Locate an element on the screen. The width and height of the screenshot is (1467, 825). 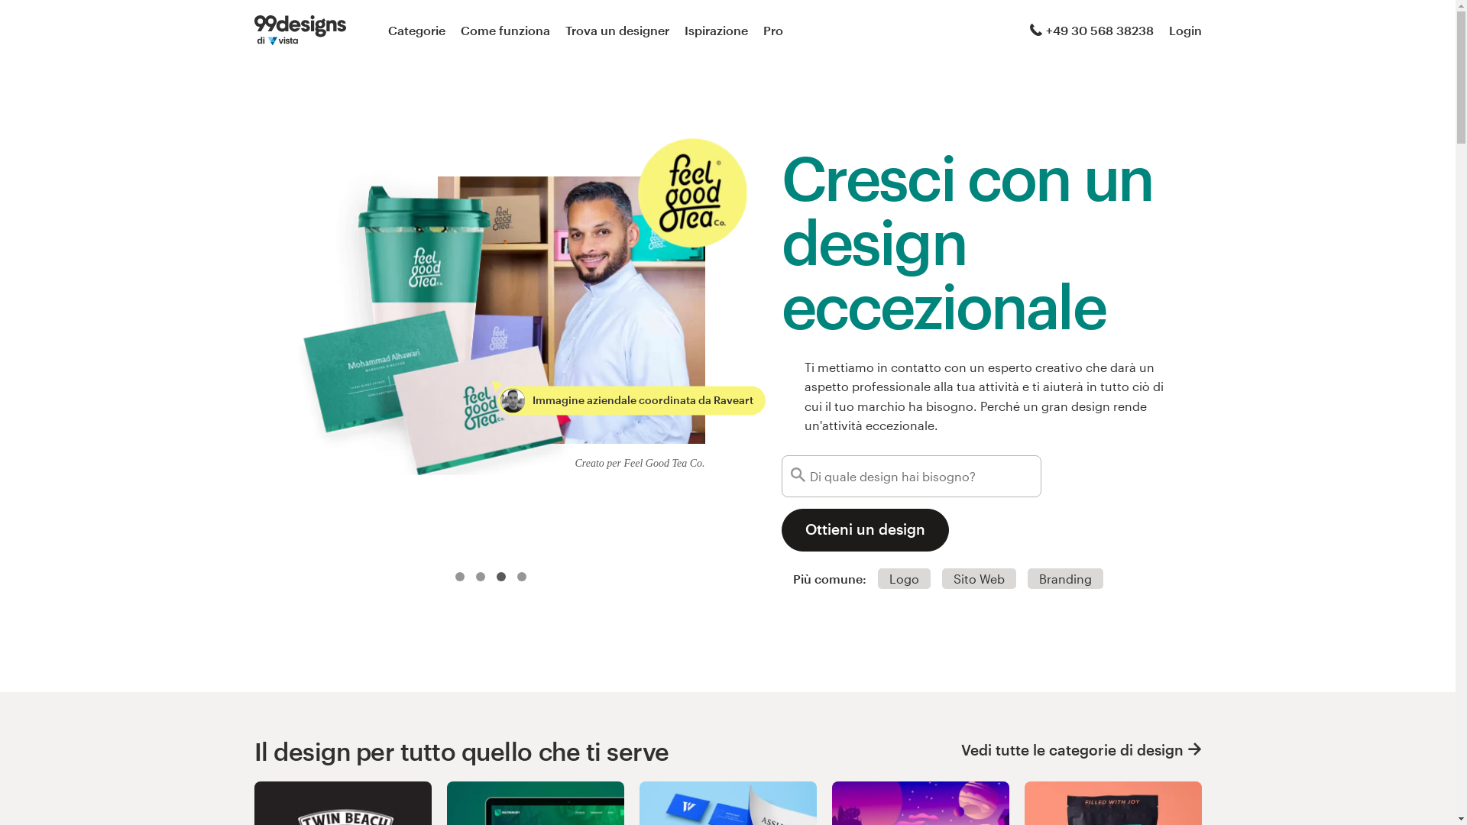
'Trova un designer' is located at coordinates (617, 30).